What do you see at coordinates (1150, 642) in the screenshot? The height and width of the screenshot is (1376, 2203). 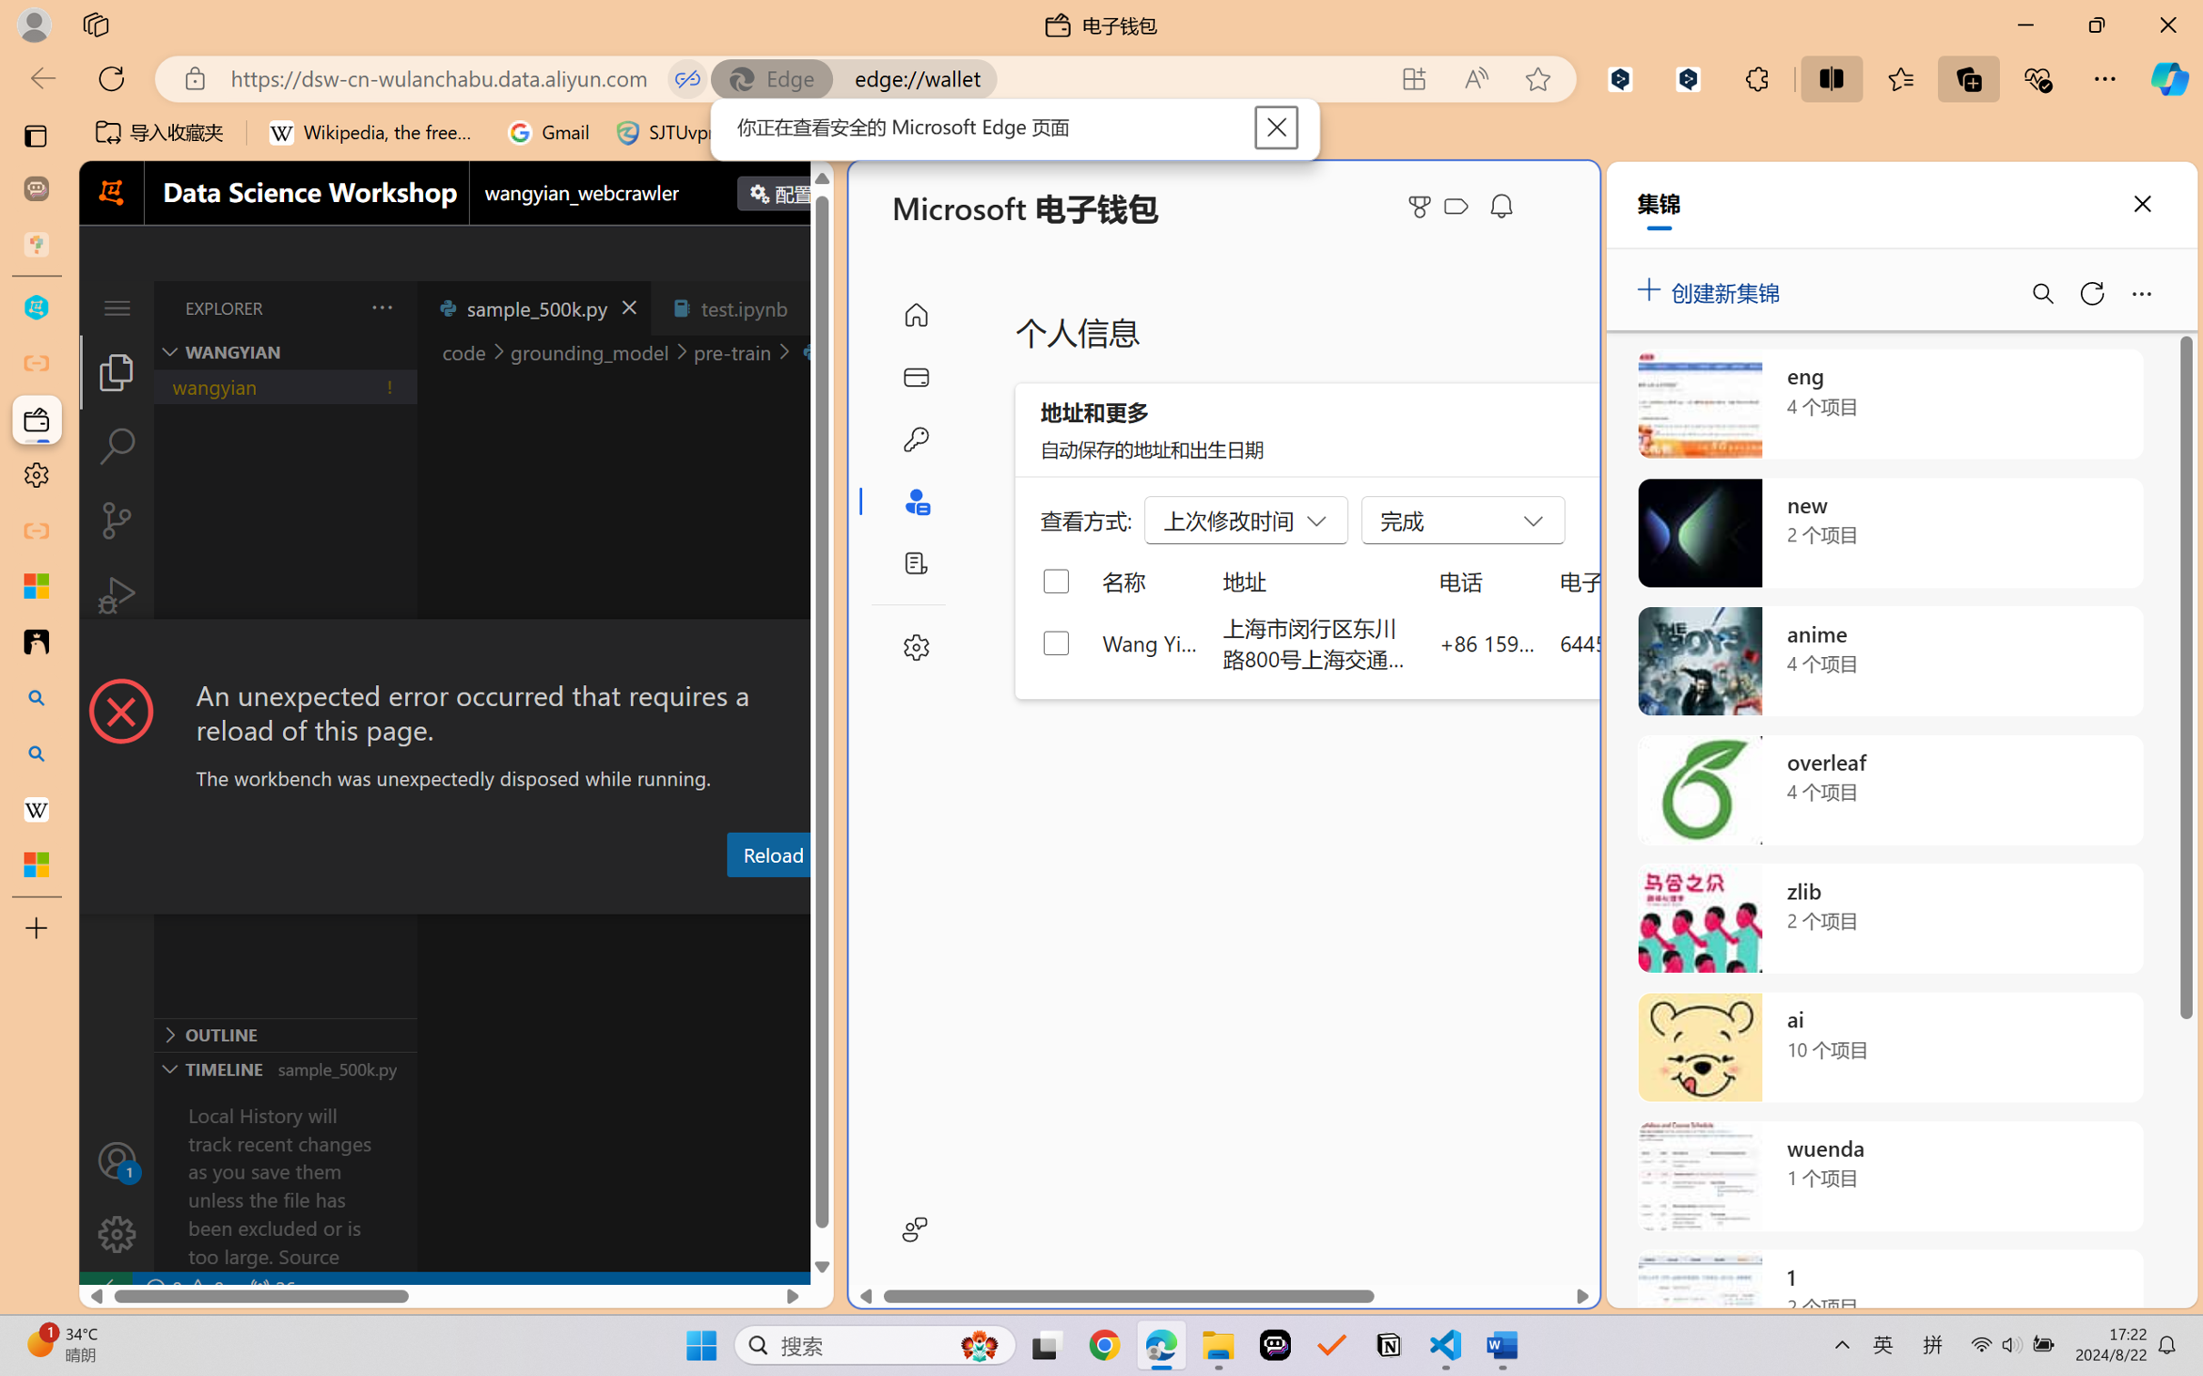 I see `'Wang Yian'` at bounding box center [1150, 642].